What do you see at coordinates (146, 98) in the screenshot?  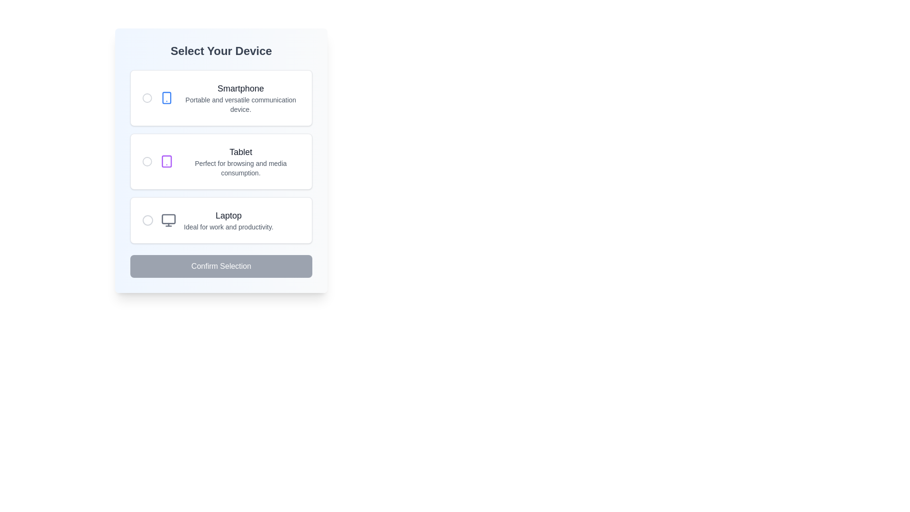 I see `the radio button located at the top left side of the 'Smartphone' card, which features a gray circular outline in a modern UI style` at bounding box center [146, 98].